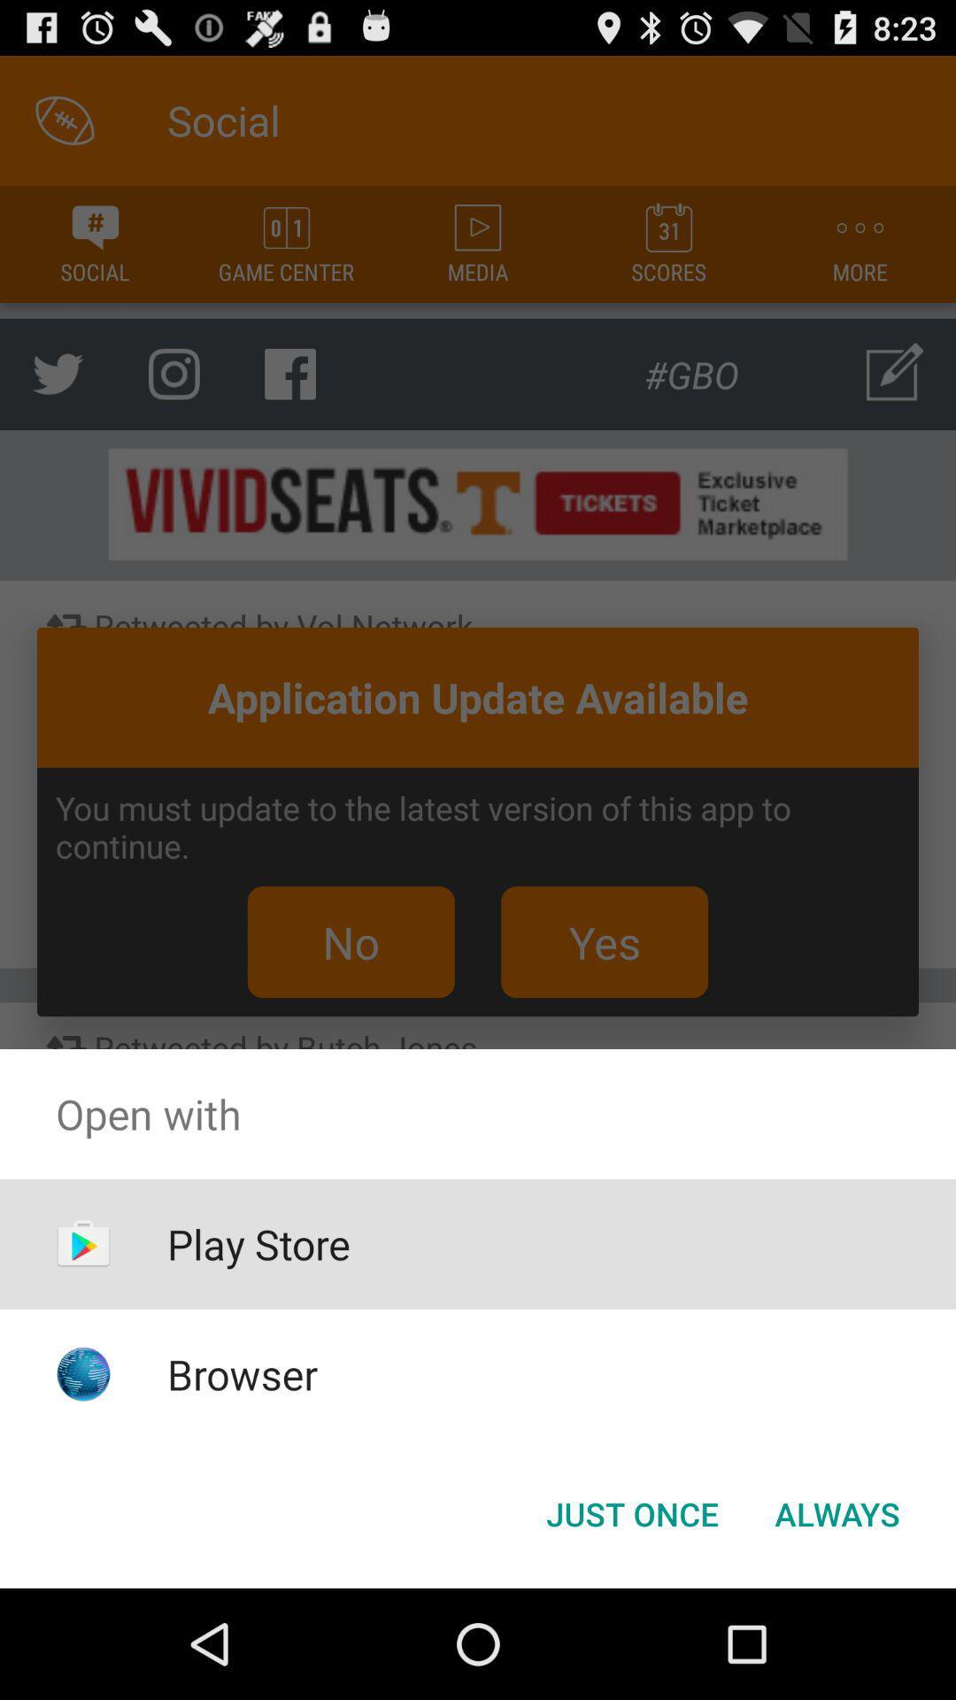 The image size is (956, 1700). I want to click on icon to the left of always item, so click(631, 1512).